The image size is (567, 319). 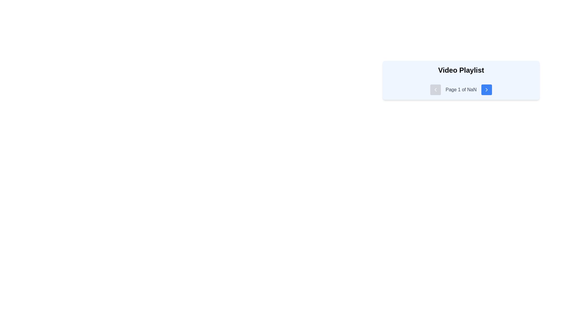 What do you see at coordinates (486, 90) in the screenshot?
I see `the right-pointing chevron icon styled with a 2px stroke and rounded edges, located within the blue rectangular button in the right part of the 'Video Playlist' panel` at bounding box center [486, 90].